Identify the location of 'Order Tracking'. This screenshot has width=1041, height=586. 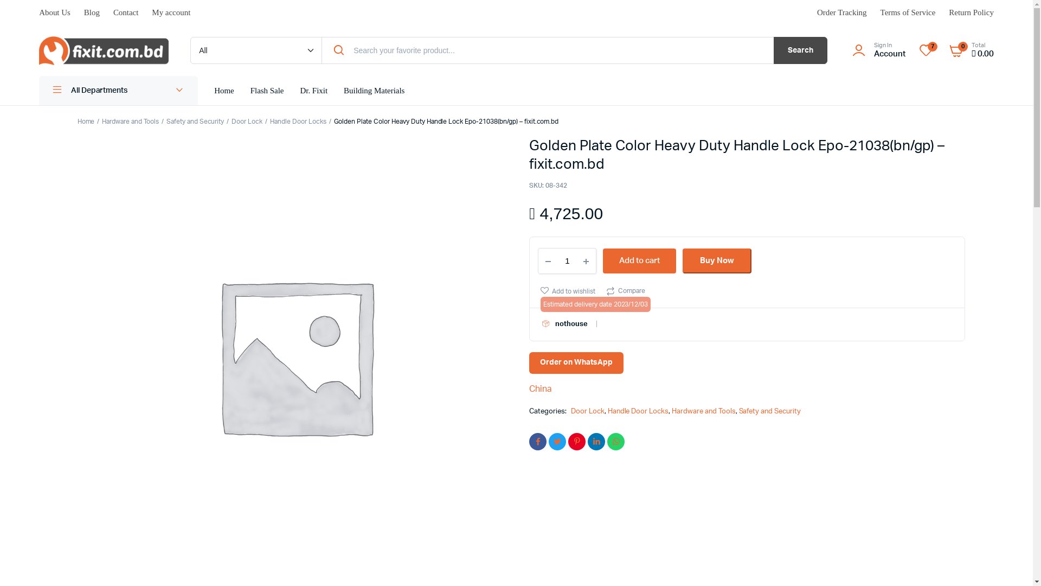
(841, 12).